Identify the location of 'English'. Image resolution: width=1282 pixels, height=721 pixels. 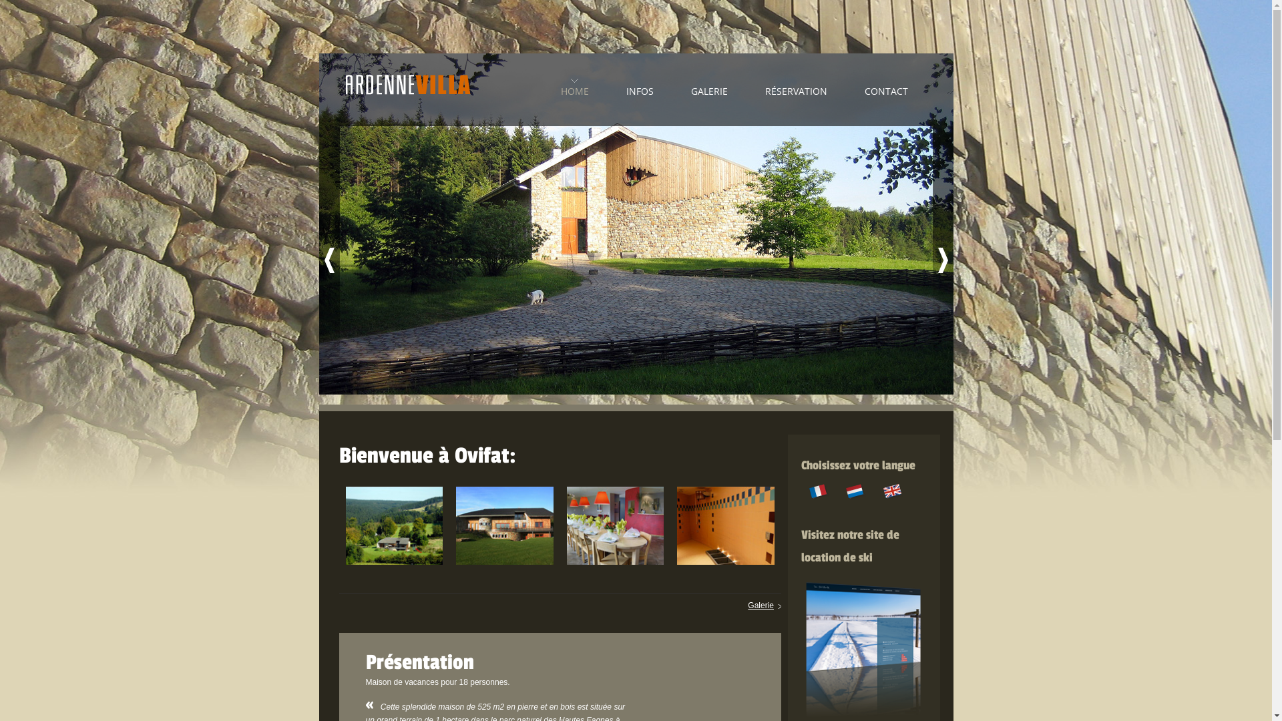
(893, 491).